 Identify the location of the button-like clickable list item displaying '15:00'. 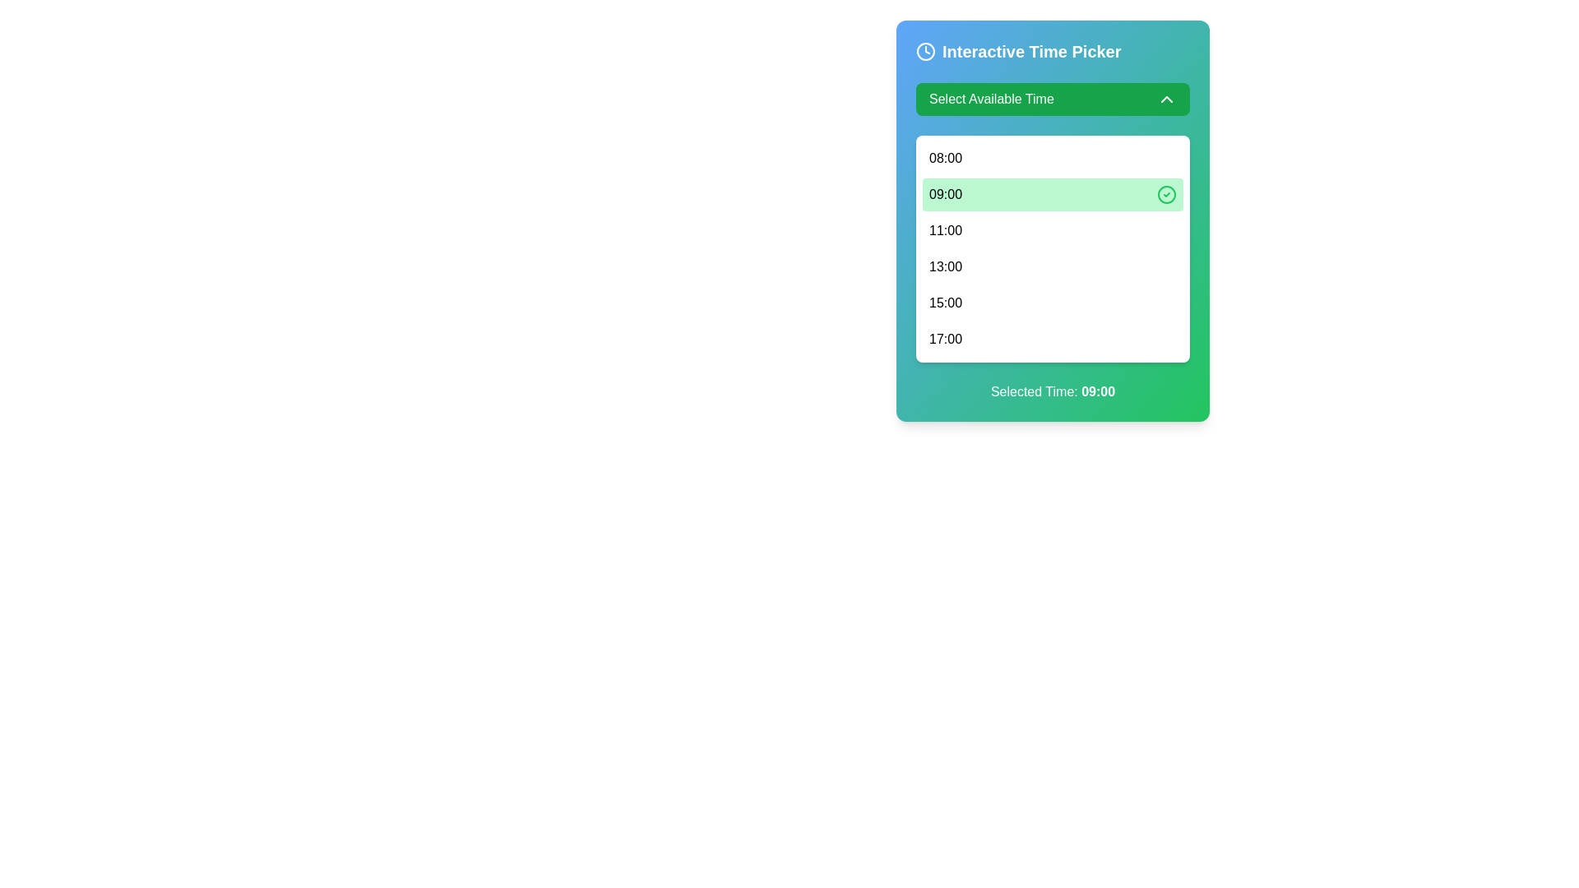
(1053, 303).